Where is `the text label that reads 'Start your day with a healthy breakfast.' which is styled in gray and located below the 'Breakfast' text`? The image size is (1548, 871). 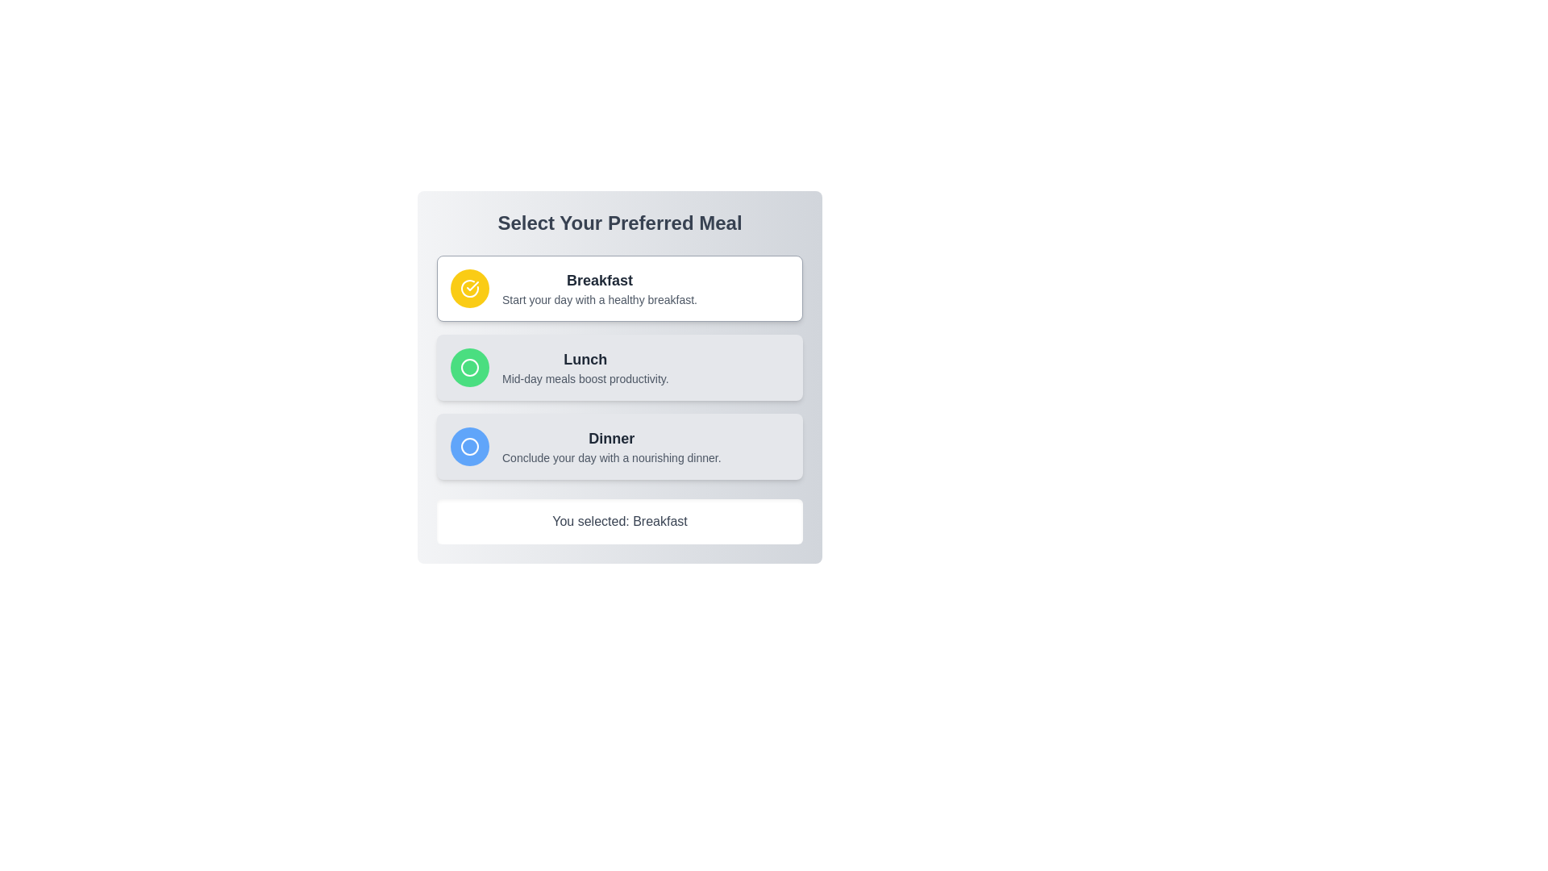
the text label that reads 'Start your day with a healthy breakfast.' which is styled in gray and located below the 'Breakfast' text is located at coordinates (599, 299).